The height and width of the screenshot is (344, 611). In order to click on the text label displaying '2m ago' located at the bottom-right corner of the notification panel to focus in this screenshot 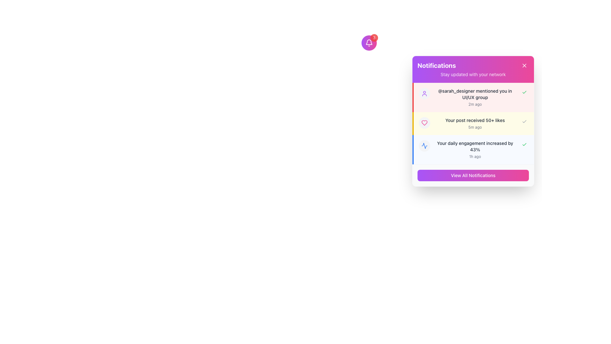, I will do `click(475, 104)`.